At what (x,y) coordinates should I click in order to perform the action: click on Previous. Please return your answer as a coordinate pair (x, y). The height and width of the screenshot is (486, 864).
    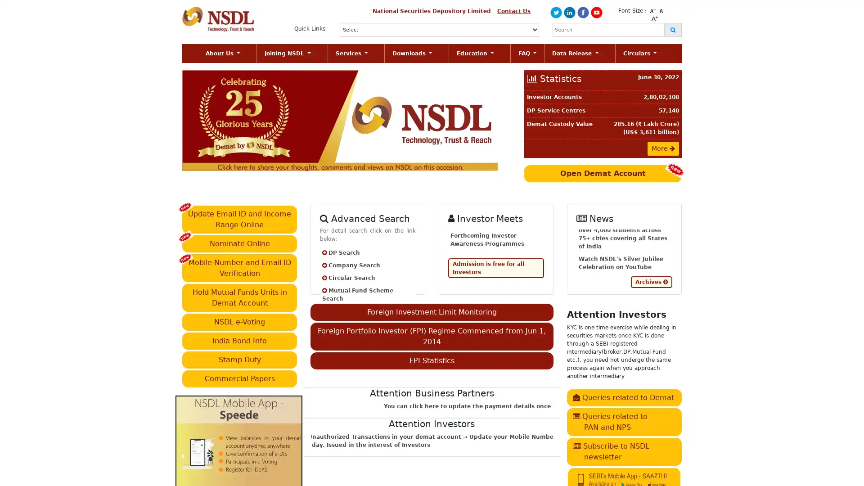
    Looking at the image, I should click on (206, 120).